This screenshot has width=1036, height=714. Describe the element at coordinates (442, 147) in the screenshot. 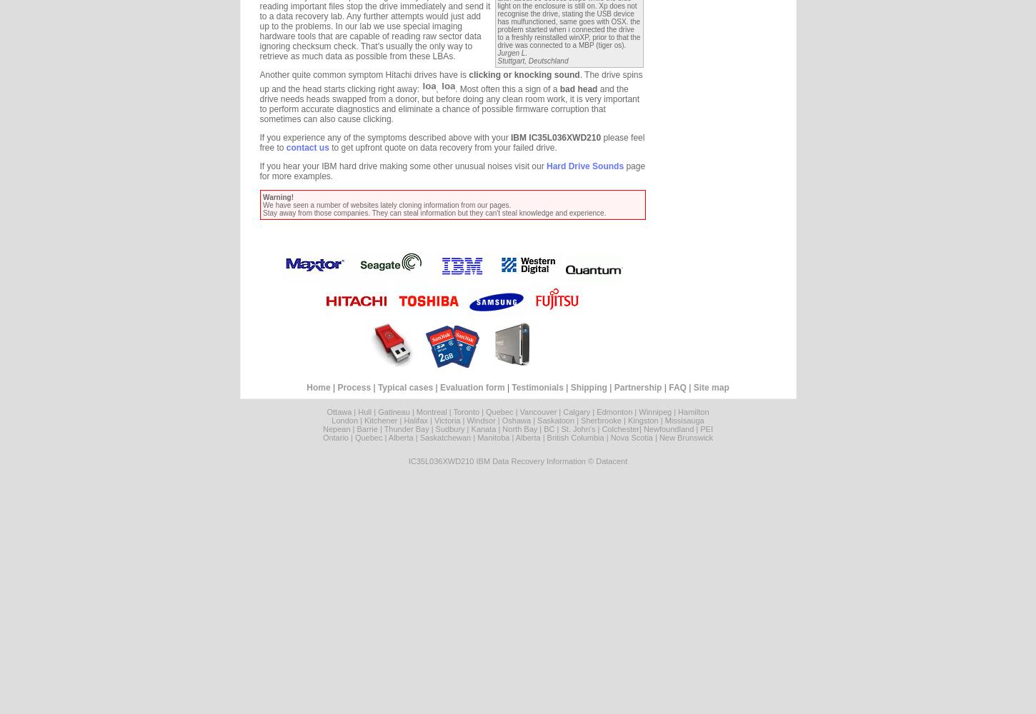

I see `'to get upfront quote on data recovery from your failed drive.'` at that location.